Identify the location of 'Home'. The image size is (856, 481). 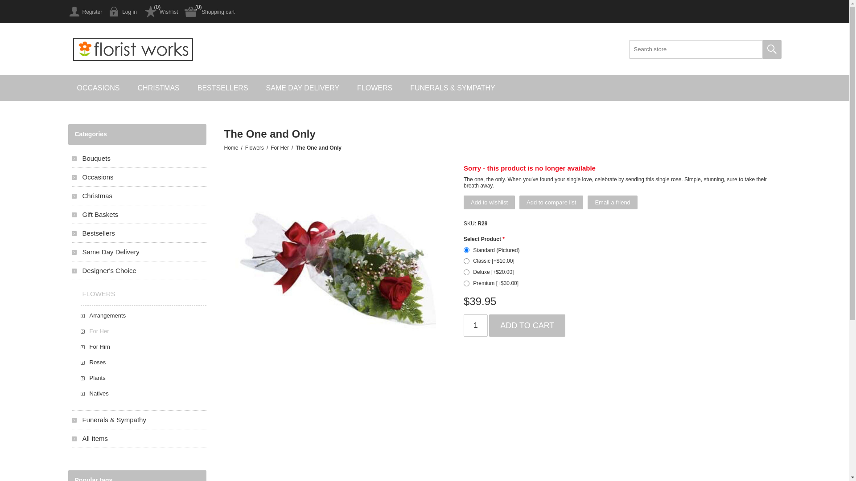
(224, 147).